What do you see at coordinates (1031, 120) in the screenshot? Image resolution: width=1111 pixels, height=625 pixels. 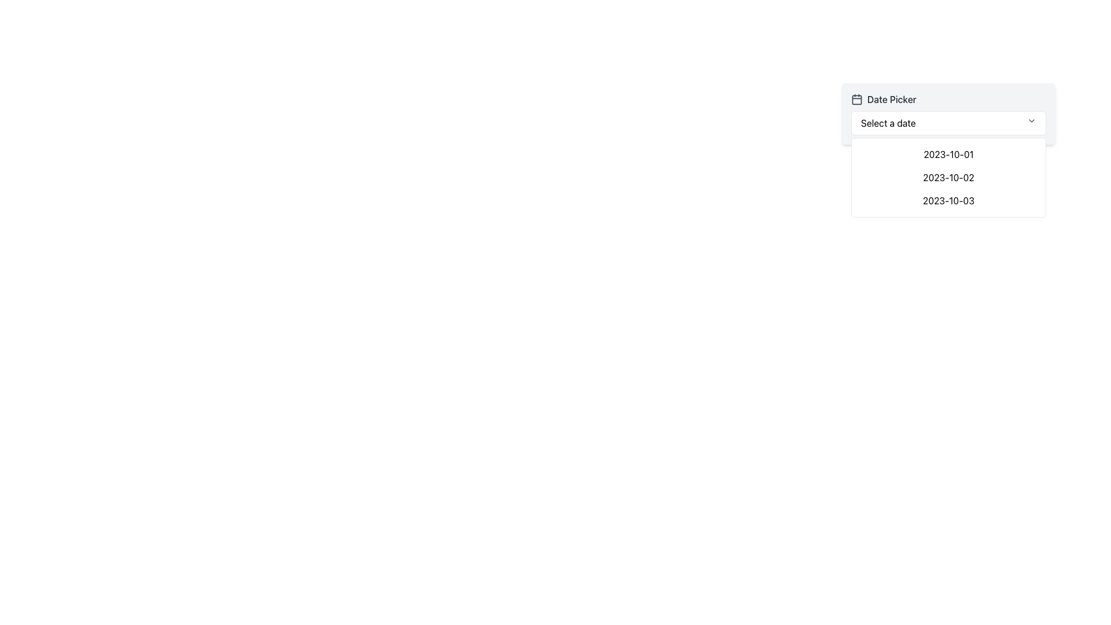 I see `the downward-facing chevron icon at the far-right side of the 'Select a date' dropdown in the 'Date Picker' component` at bounding box center [1031, 120].